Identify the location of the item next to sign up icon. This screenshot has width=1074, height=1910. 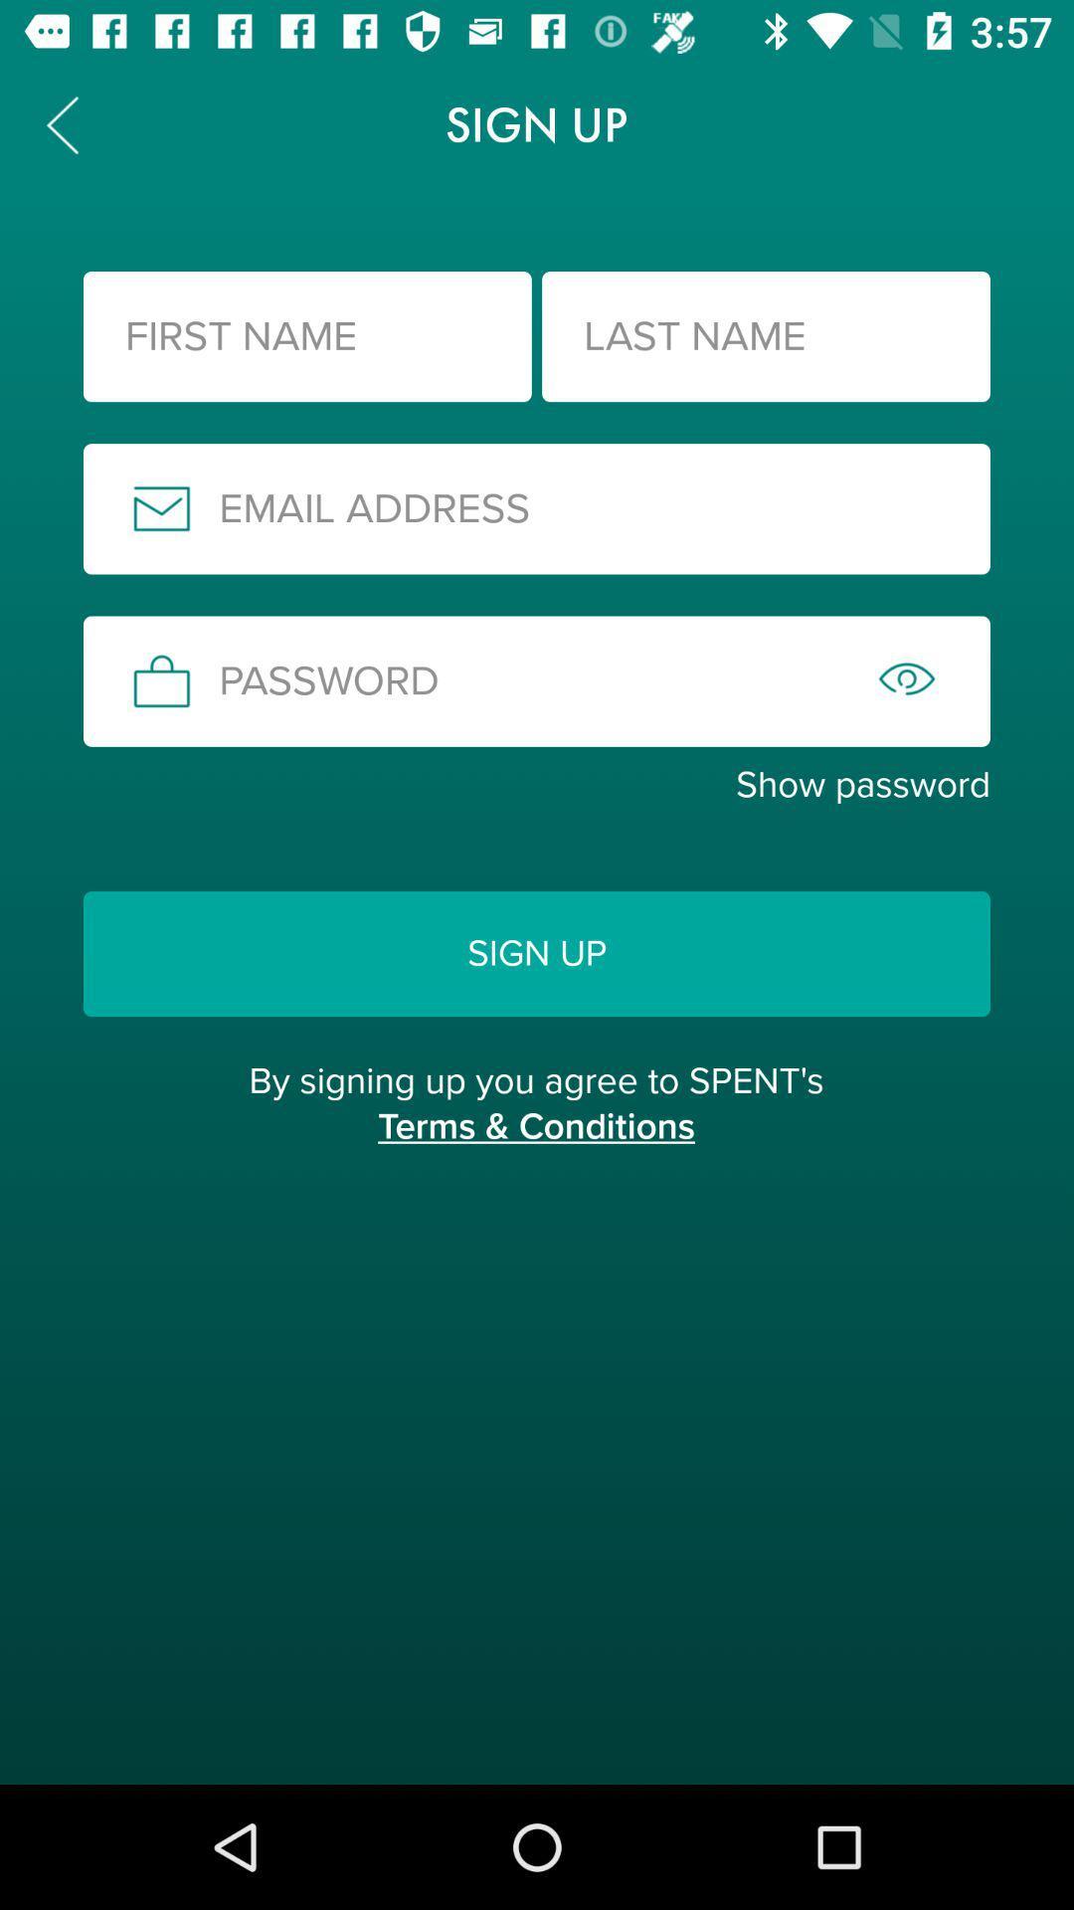
(61, 123).